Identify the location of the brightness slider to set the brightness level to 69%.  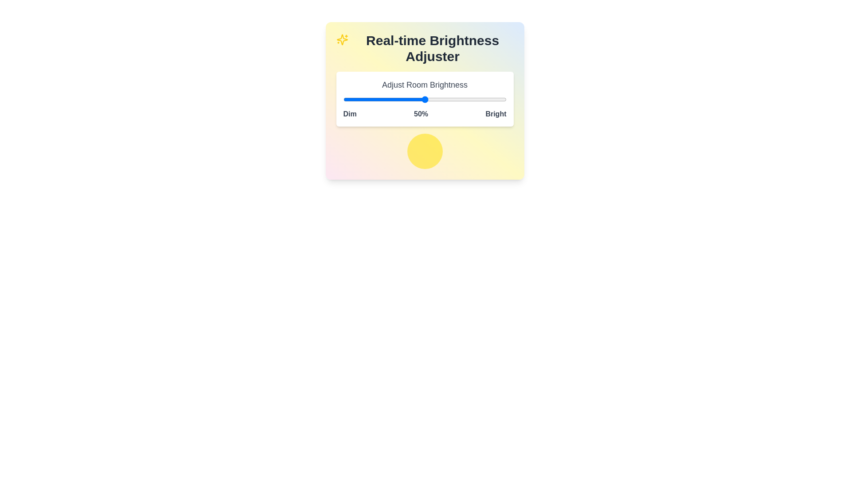
(456, 99).